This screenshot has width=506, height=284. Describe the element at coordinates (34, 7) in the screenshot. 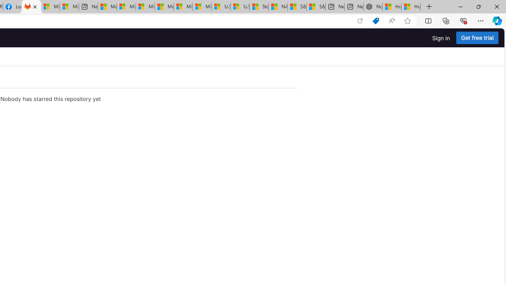

I see `'Close tab'` at that location.